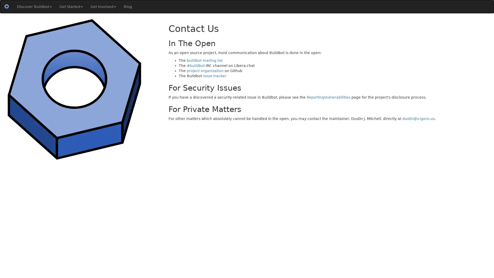  I want to click on Discover Buildbot, so click(34, 7).